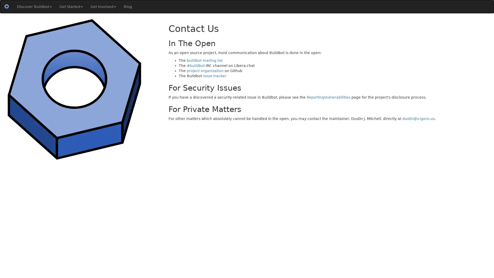  I want to click on Discover Buildbot, so click(34, 7).